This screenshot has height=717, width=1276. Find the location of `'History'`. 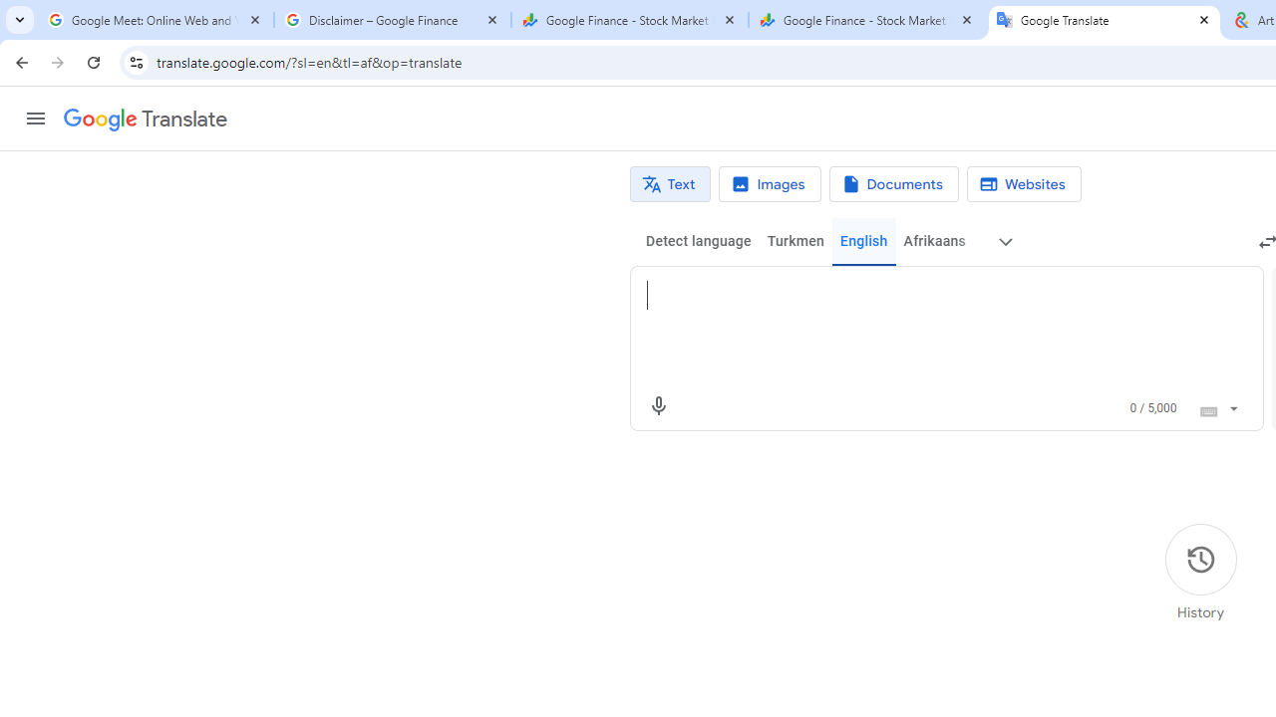

'History' is located at coordinates (1199, 573).